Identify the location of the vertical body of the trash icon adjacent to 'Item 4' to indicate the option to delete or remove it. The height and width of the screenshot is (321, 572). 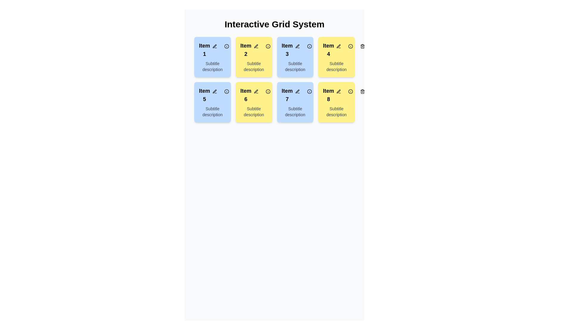
(362, 46).